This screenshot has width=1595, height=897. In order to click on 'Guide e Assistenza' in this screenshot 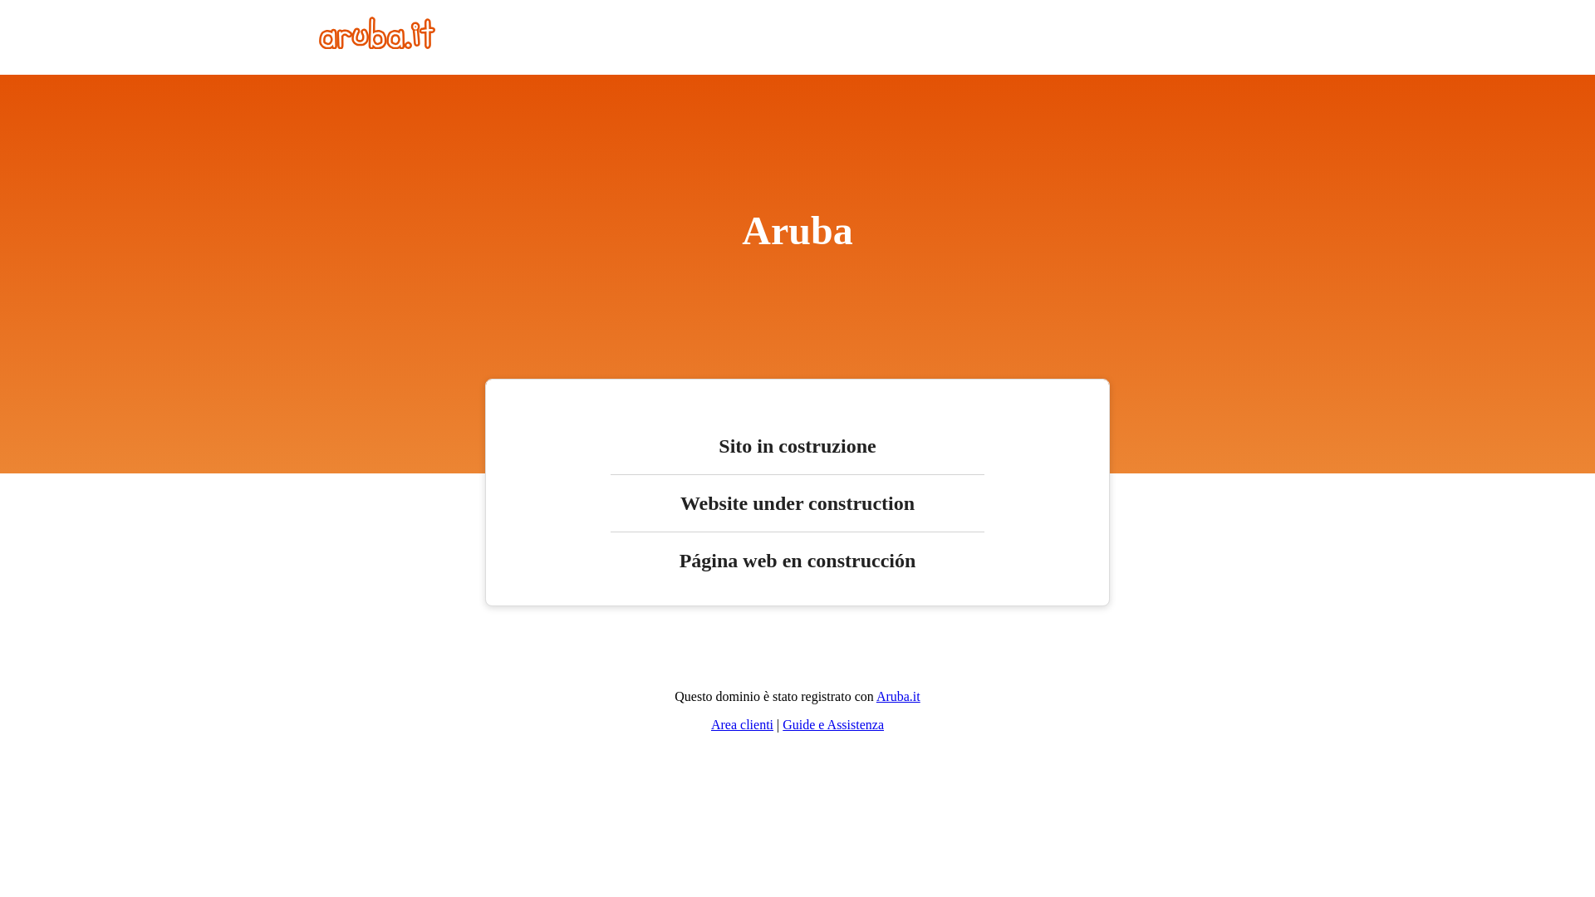, I will do `click(833, 723)`.